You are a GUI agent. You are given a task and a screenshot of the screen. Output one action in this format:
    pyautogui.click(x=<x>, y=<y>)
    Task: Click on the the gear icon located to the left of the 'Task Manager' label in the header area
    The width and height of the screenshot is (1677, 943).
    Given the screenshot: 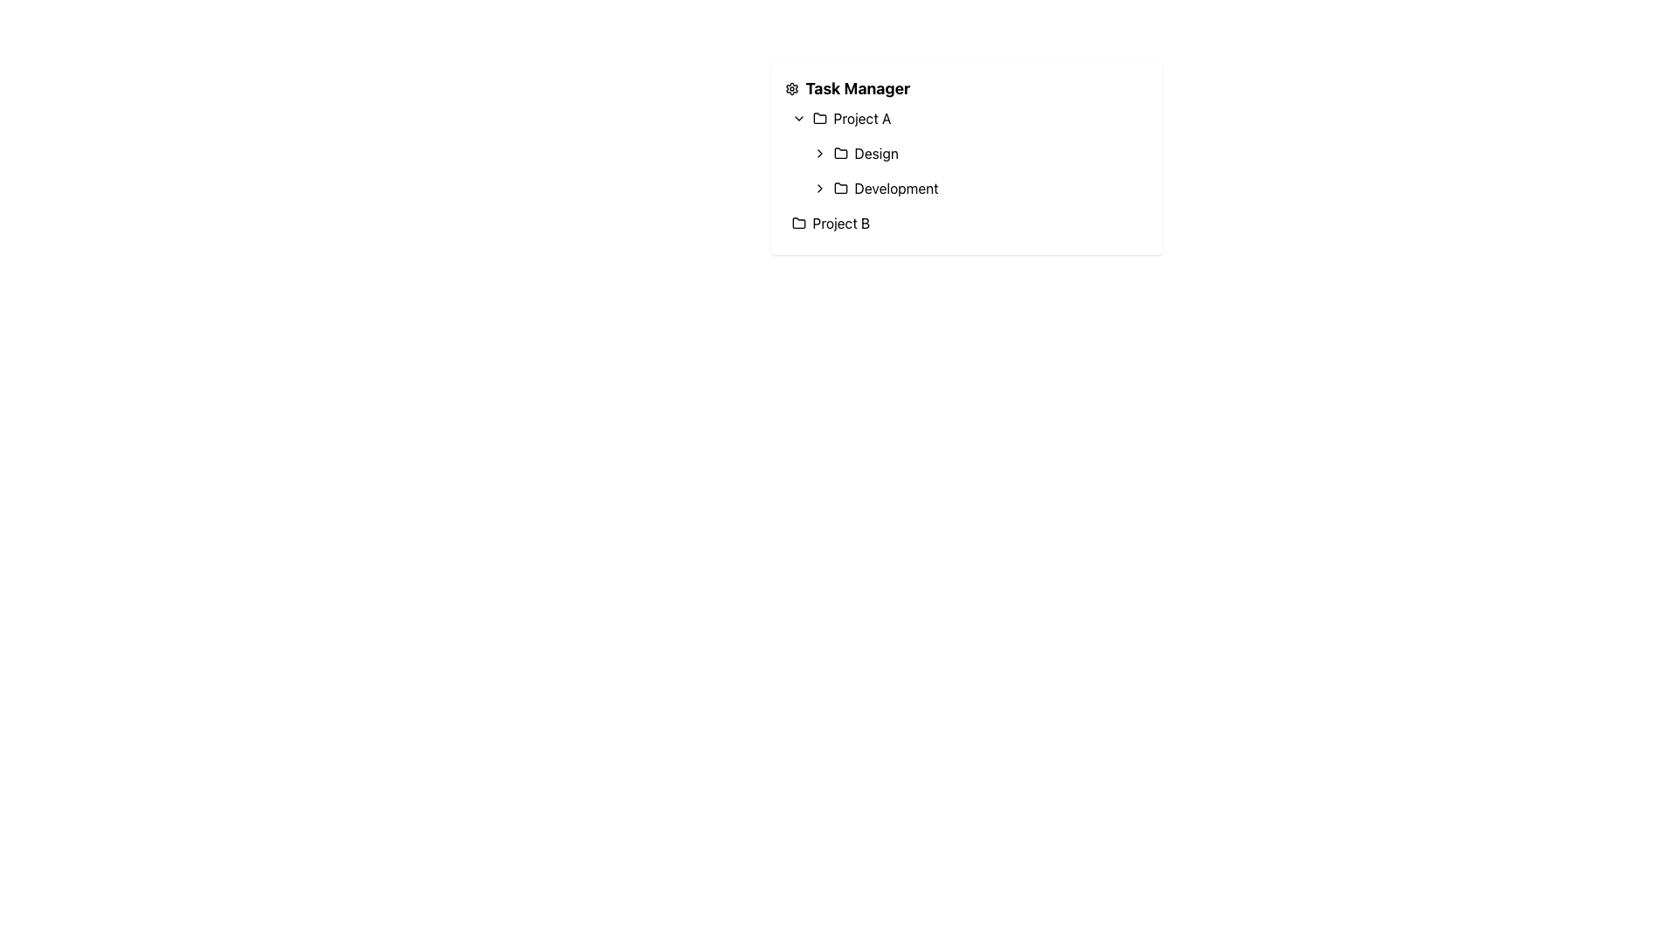 What is the action you would take?
    pyautogui.click(x=790, y=88)
    